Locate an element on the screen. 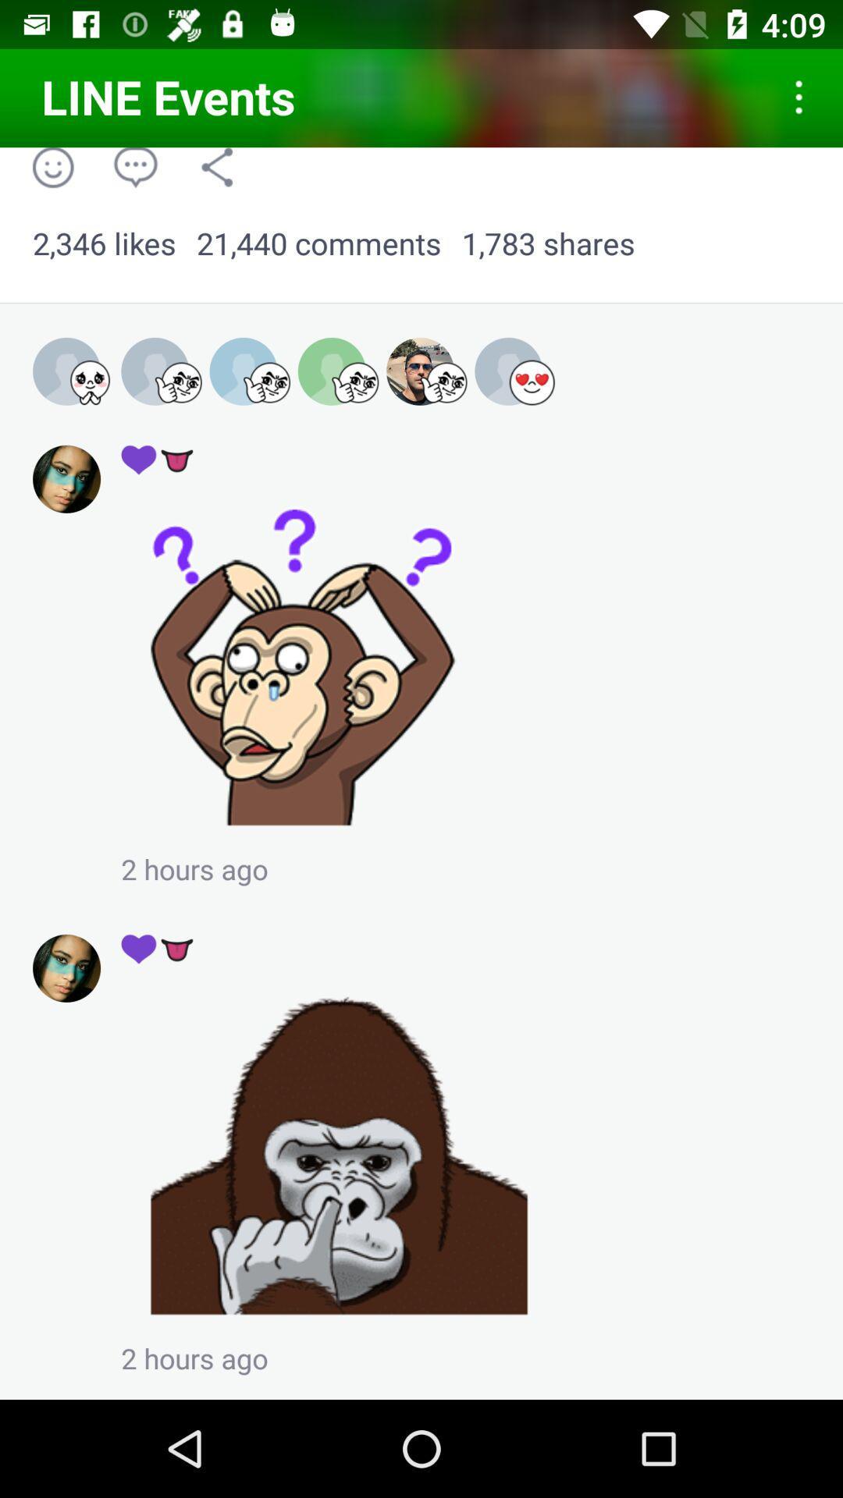  app next to 21,440 comments icon is located at coordinates (104, 243).